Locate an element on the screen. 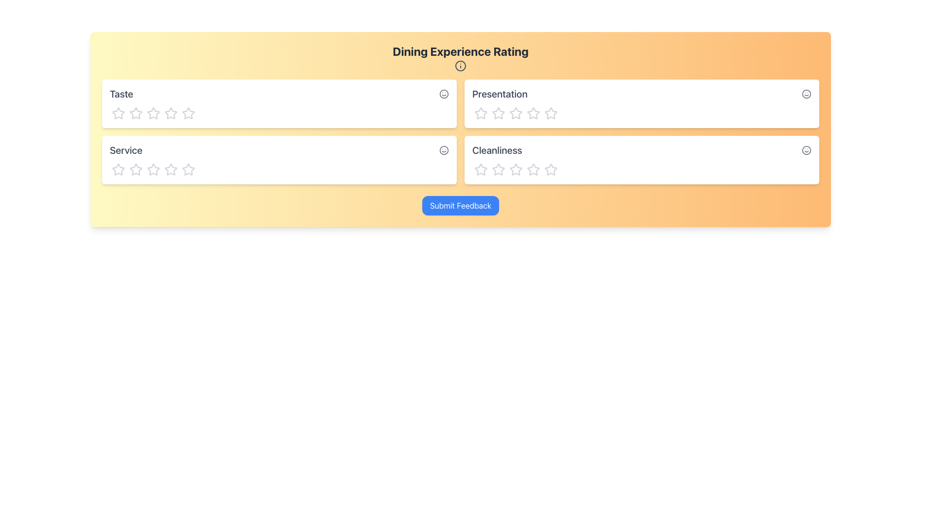 The height and width of the screenshot is (524, 933). the fourth star icon in the rating indicator below the 'Service' label is located at coordinates (153, 168).